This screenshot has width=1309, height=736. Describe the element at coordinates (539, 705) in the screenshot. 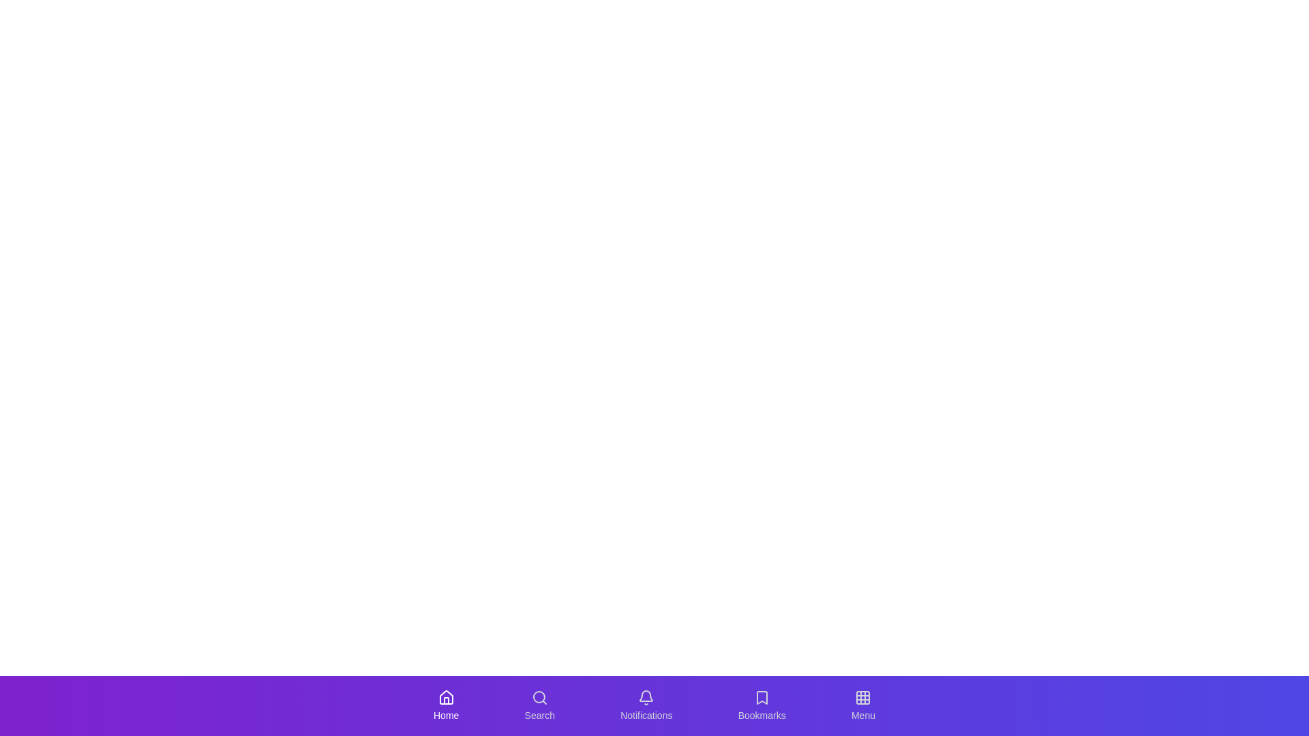

I see `the Search navigation icon to observe feedback` at that location.